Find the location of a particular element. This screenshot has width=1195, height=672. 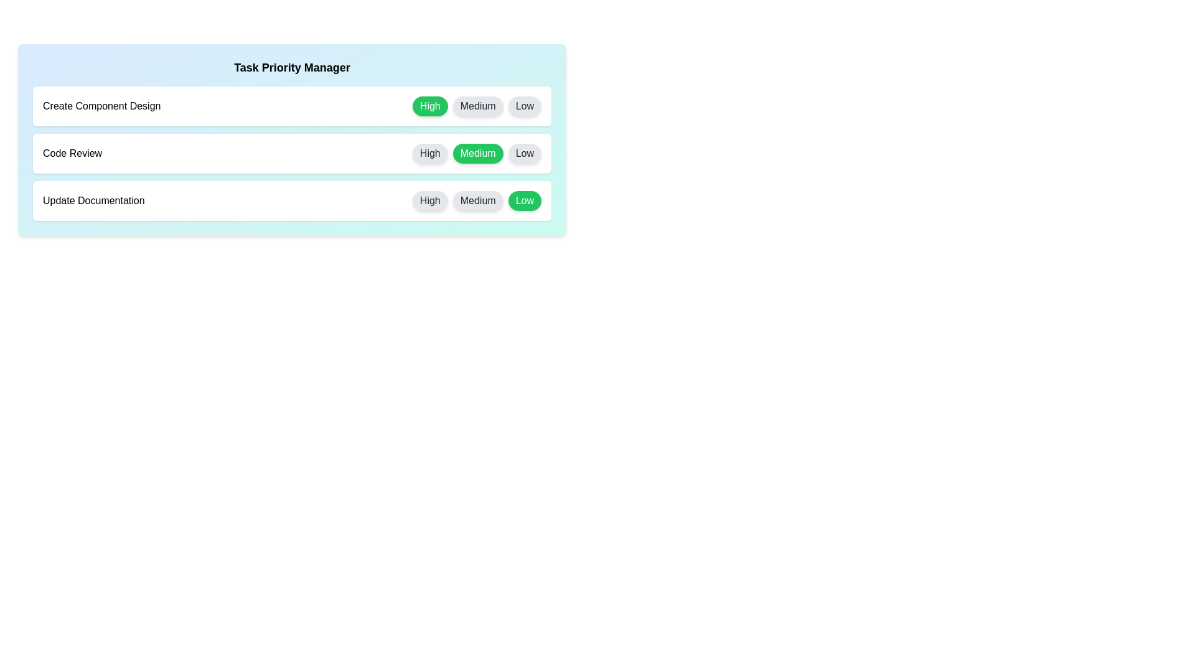

the priority button labeled Medium for the task Create Component Design is located at coordinates (477, 105).